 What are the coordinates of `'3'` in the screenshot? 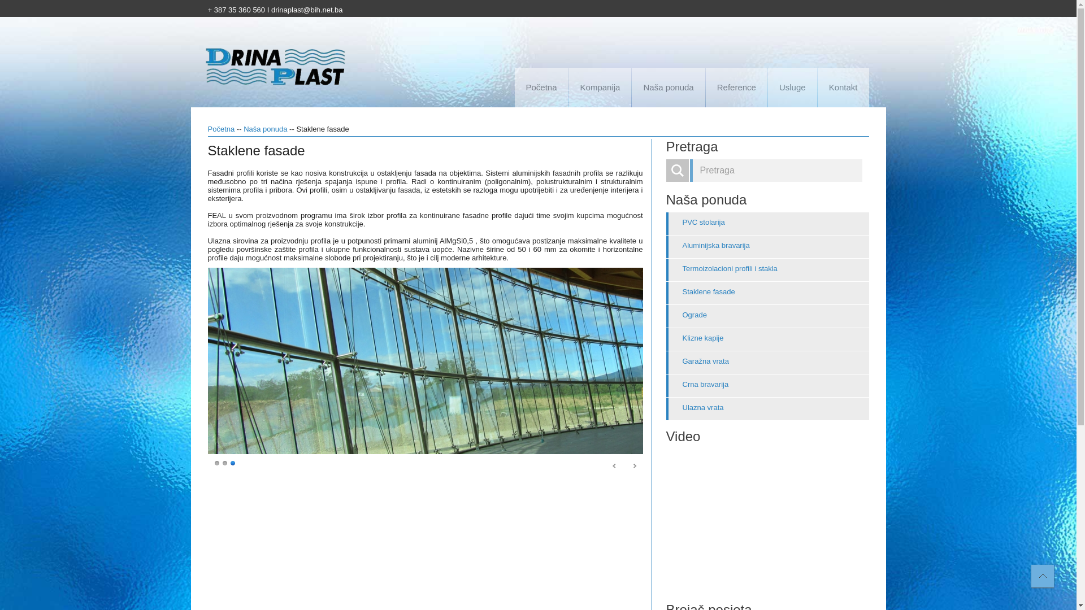 It's located at (232, 462).